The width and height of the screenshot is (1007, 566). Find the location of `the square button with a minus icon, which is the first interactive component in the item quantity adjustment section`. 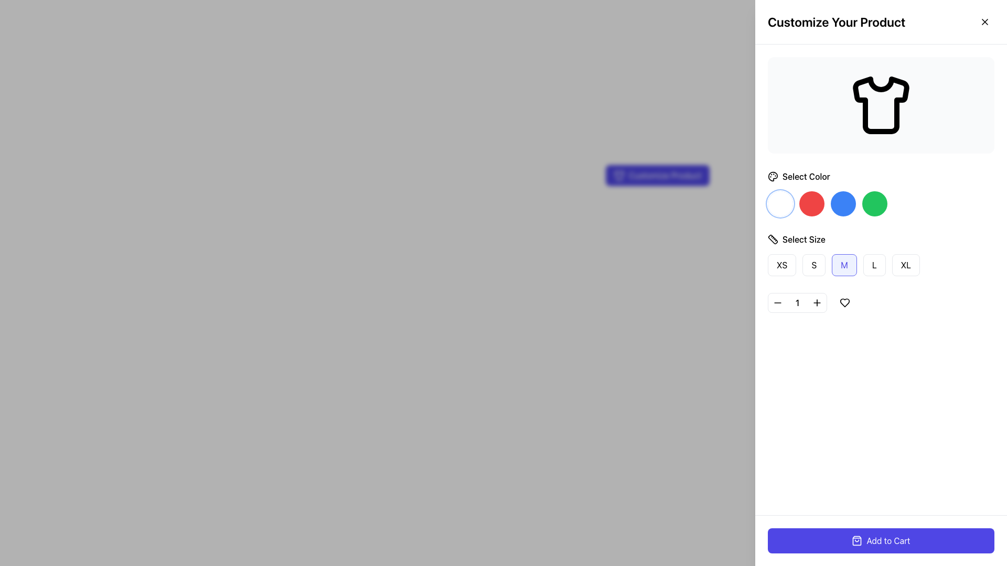

the square button with a minus icon, which is the first interactive component in the item quantity adjustment section is located at coordinates (778, 303).